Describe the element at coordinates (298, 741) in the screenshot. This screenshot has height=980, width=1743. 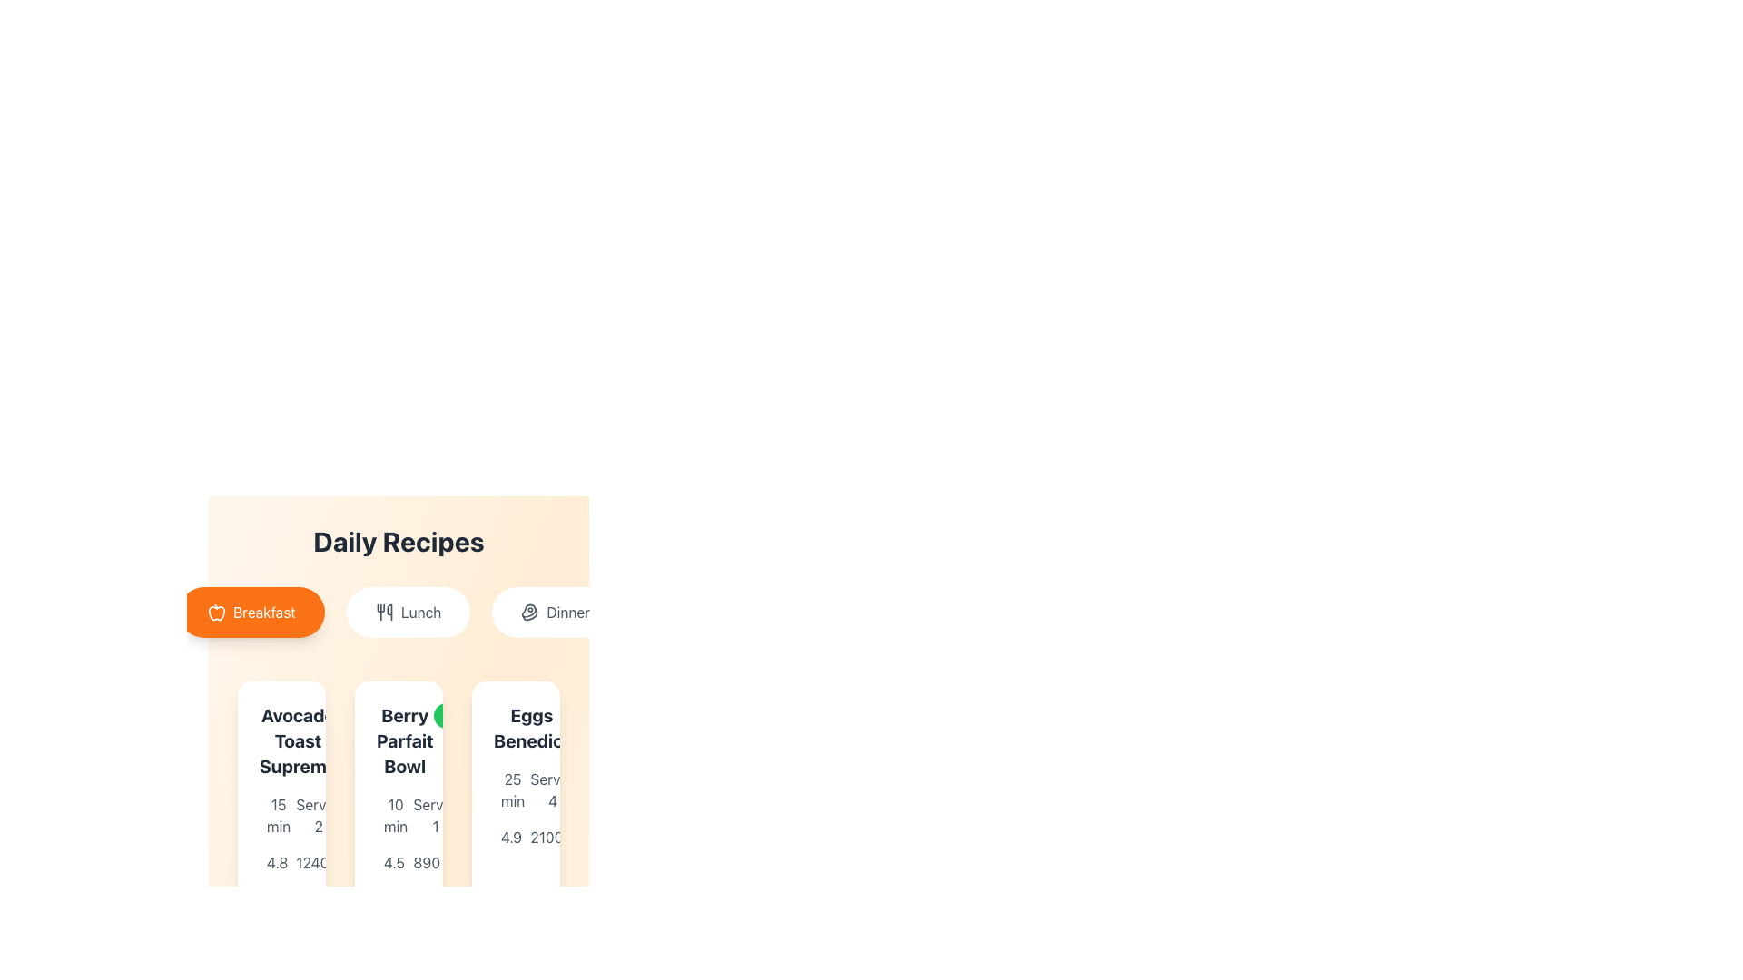
I see `the recipe title text label to check for additional information display` at that location.